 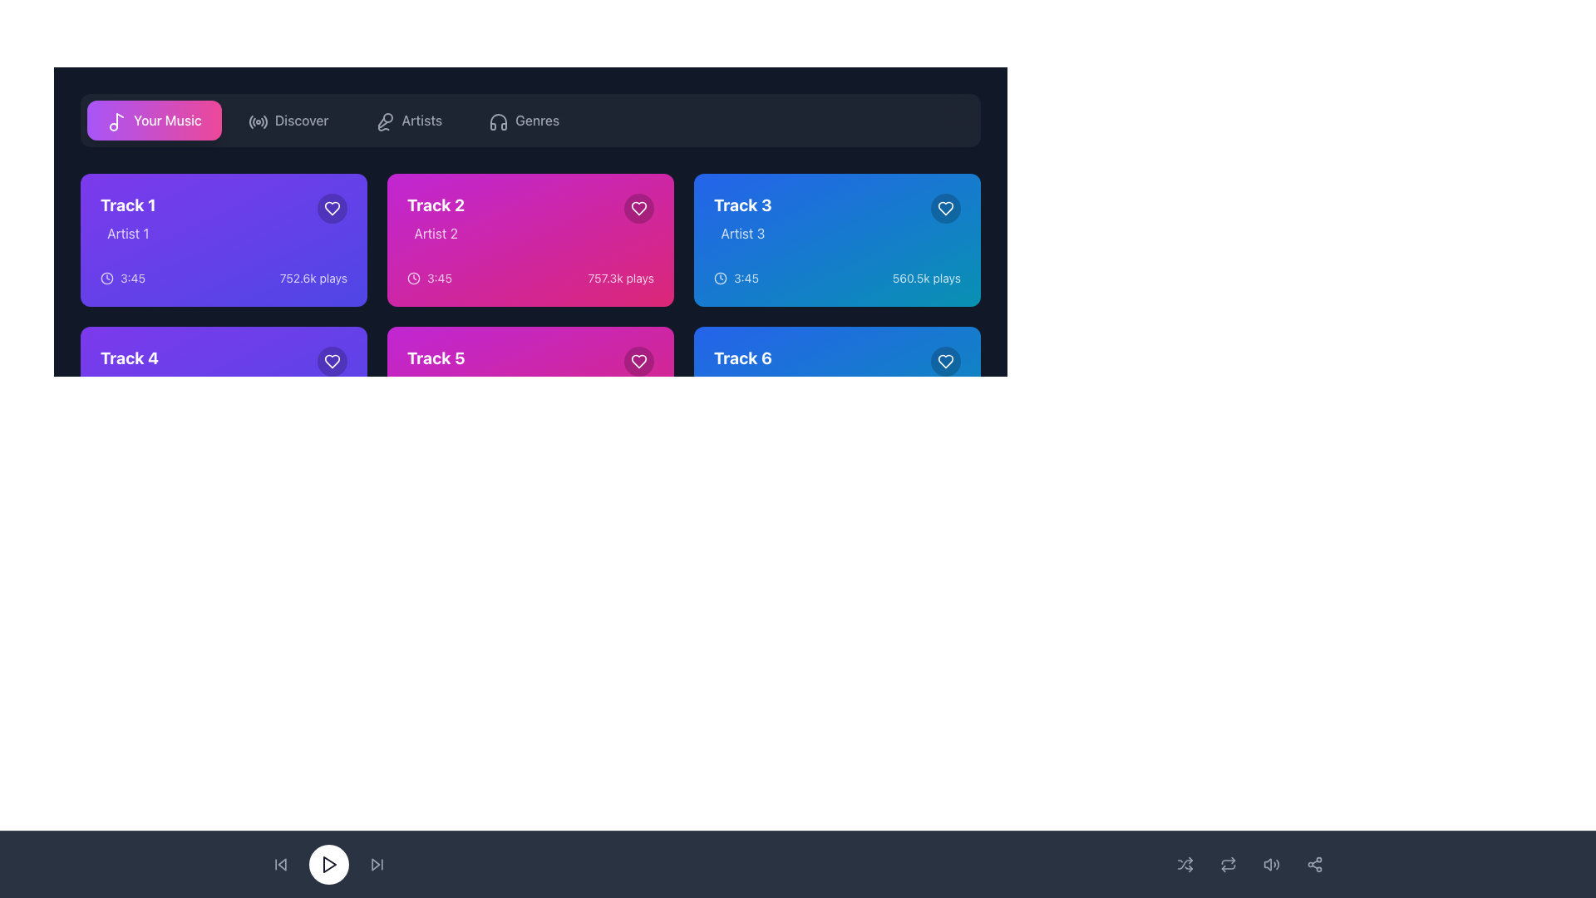 What do you see at coordinates (741, 234) in the screenshot?
I see `the label indicating the artist associated with 'Track 3', which is the second textual component beneath the title 'Track 3' in the blue card` at bounding box center [741, 234].